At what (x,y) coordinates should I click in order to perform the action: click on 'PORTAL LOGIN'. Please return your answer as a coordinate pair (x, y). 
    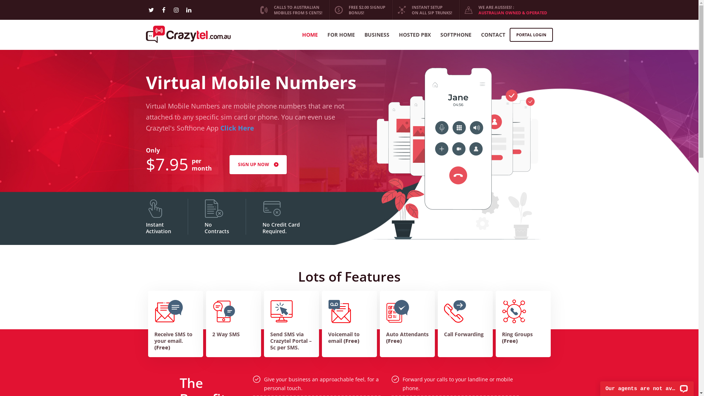
    Looking at the image, I should click on (531, 35).